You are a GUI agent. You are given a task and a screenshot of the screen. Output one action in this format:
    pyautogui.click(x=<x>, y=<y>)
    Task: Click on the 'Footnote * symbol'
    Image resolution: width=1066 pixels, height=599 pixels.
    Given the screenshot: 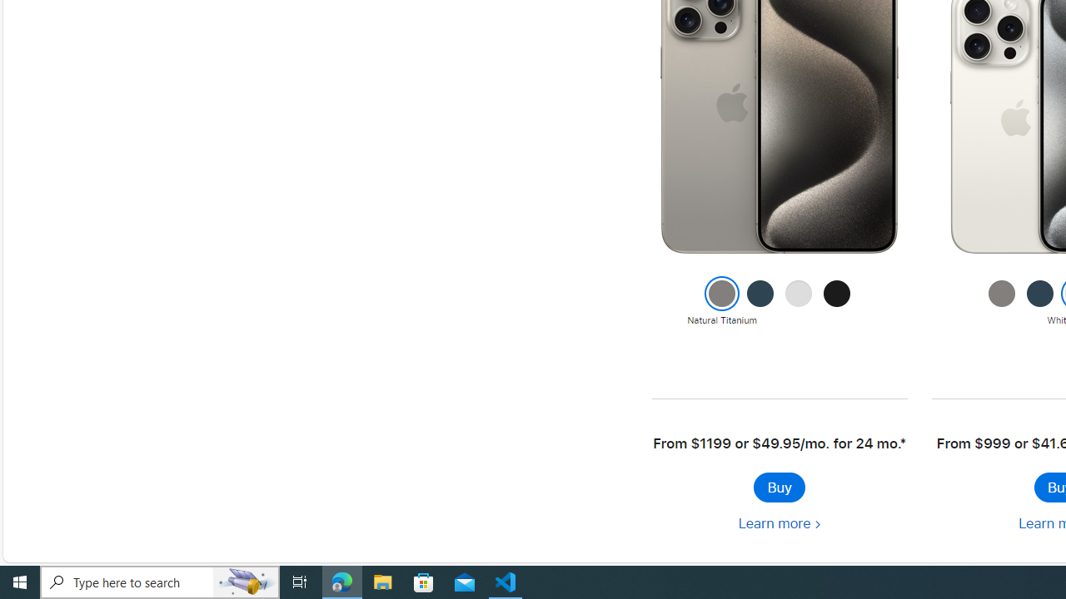 What is the action you would take?
    pyautogui.click(x=902, y=443)
    